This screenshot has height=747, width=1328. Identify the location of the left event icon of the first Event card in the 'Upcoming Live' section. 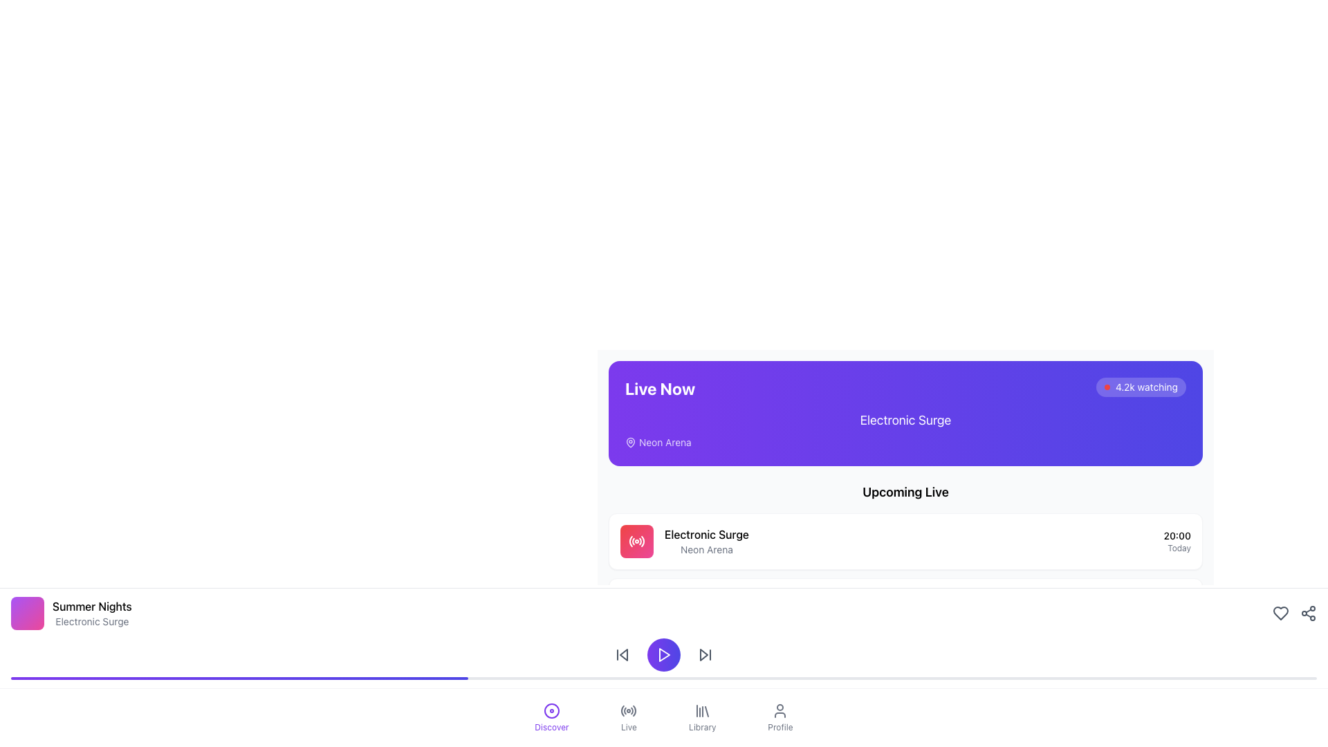
(905, 541).